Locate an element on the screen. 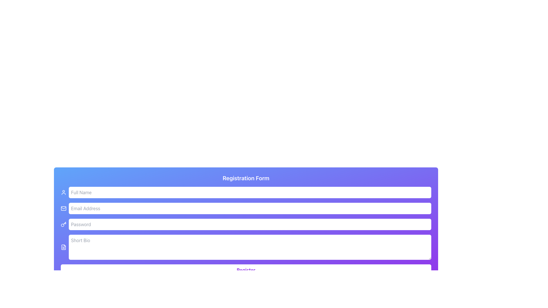 This screenshot has height=308, width=548. the SVG icon that serves as a visual indicator for the 'Email Address' input field, located on the left side of the input area is located at coordinates (63, 208).